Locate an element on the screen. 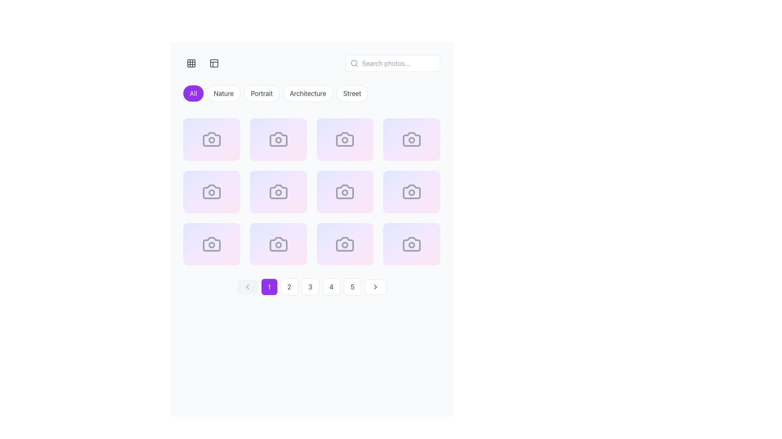 The image size is (782, 439). the camera icon with rounded lines and a circular lens, located in the second row, third column of a 3x4 grid layout is located at coordinates (211, 192).